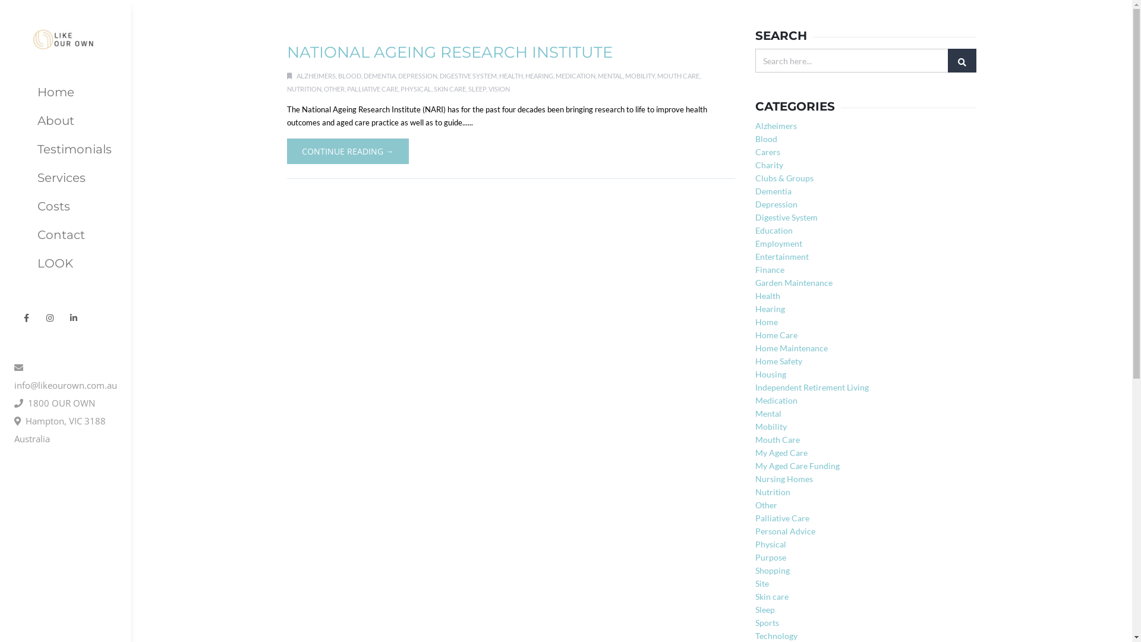 The width and height of the screenshot is (1141, 642). Describe the element at coordinates (538, 75) in the screenshot. I see `'HEARING'` at that location.